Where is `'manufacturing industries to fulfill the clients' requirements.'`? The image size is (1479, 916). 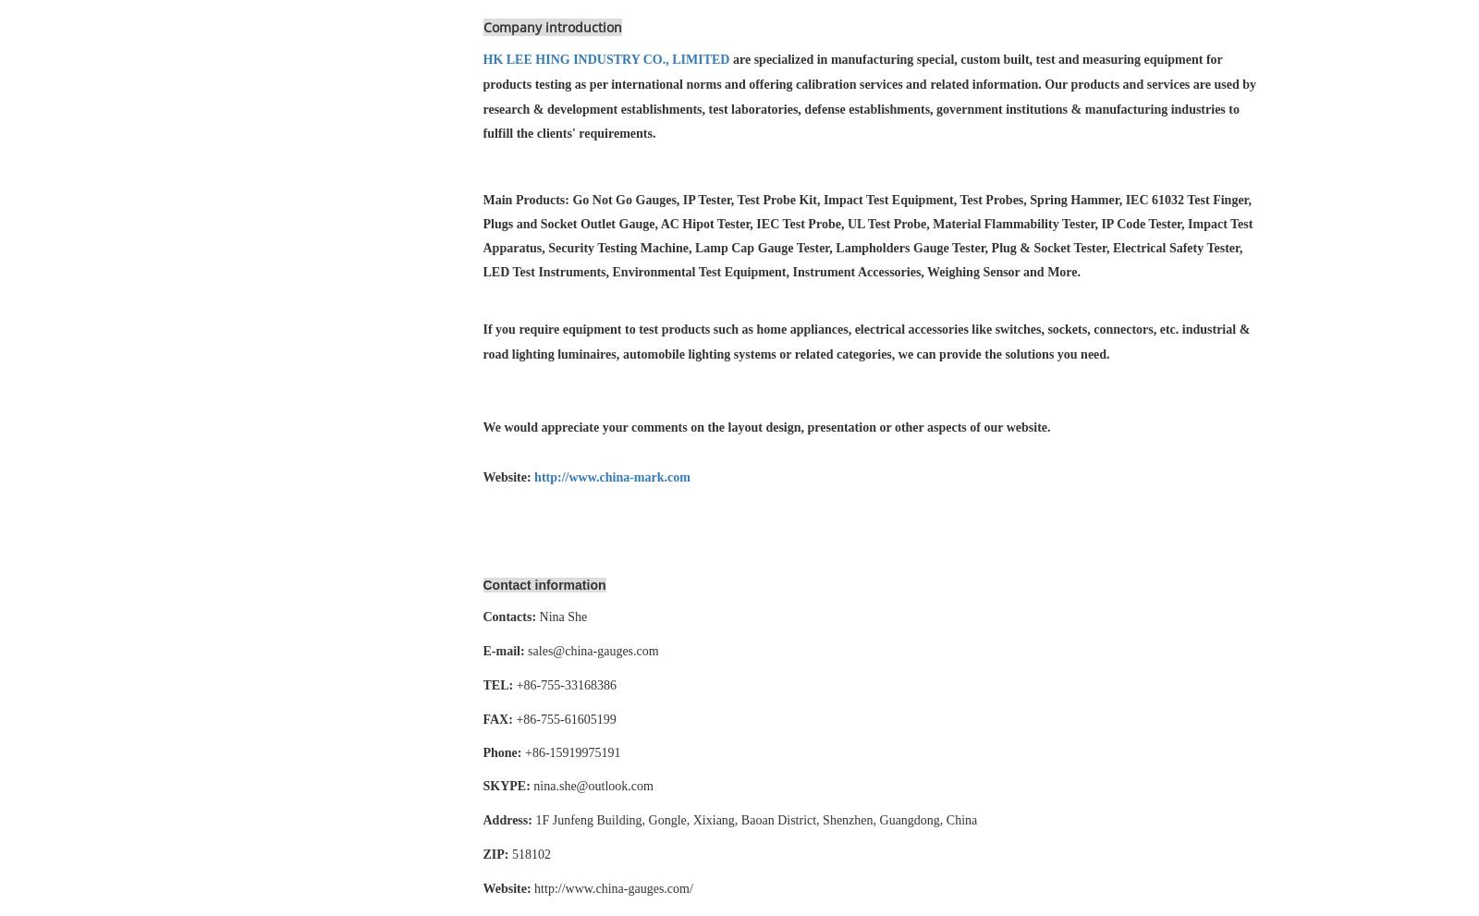
'manufacturing industries to fulfill the clients' requirements.' is located at coordinates (481, 120).